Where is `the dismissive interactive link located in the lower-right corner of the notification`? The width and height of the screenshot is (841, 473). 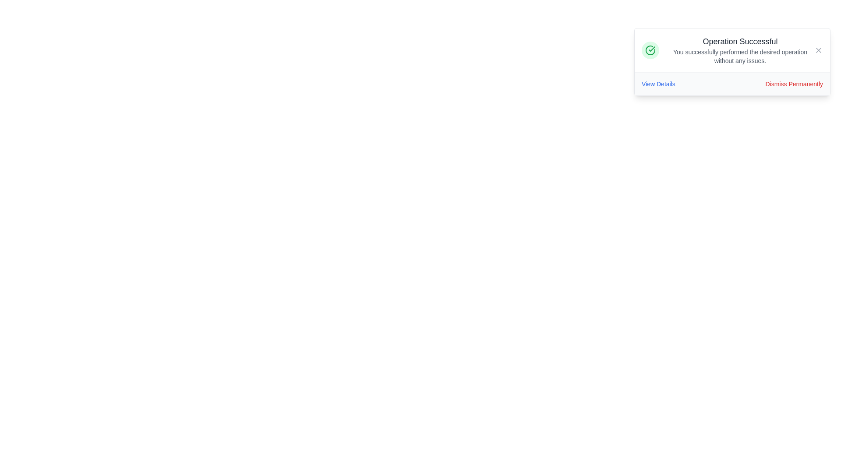
the dismissive interactive link located in the lower-right corner of the notification is located at coordinates (794, 84).